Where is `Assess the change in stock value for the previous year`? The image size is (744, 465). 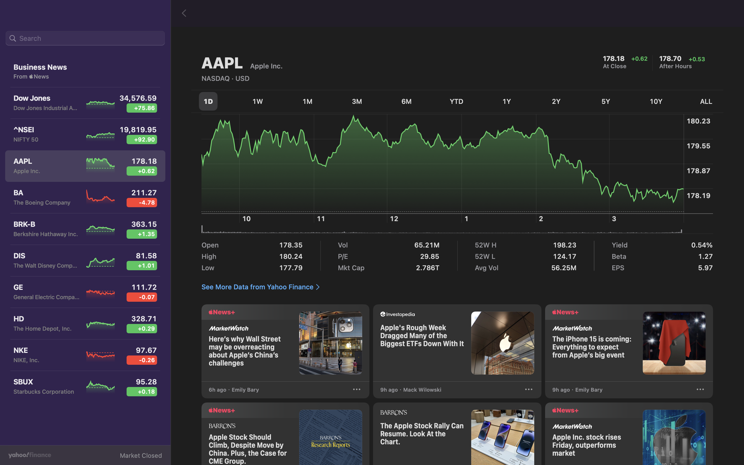
Assess the change in stock value for the previous year is located at coordinates (507, 101).